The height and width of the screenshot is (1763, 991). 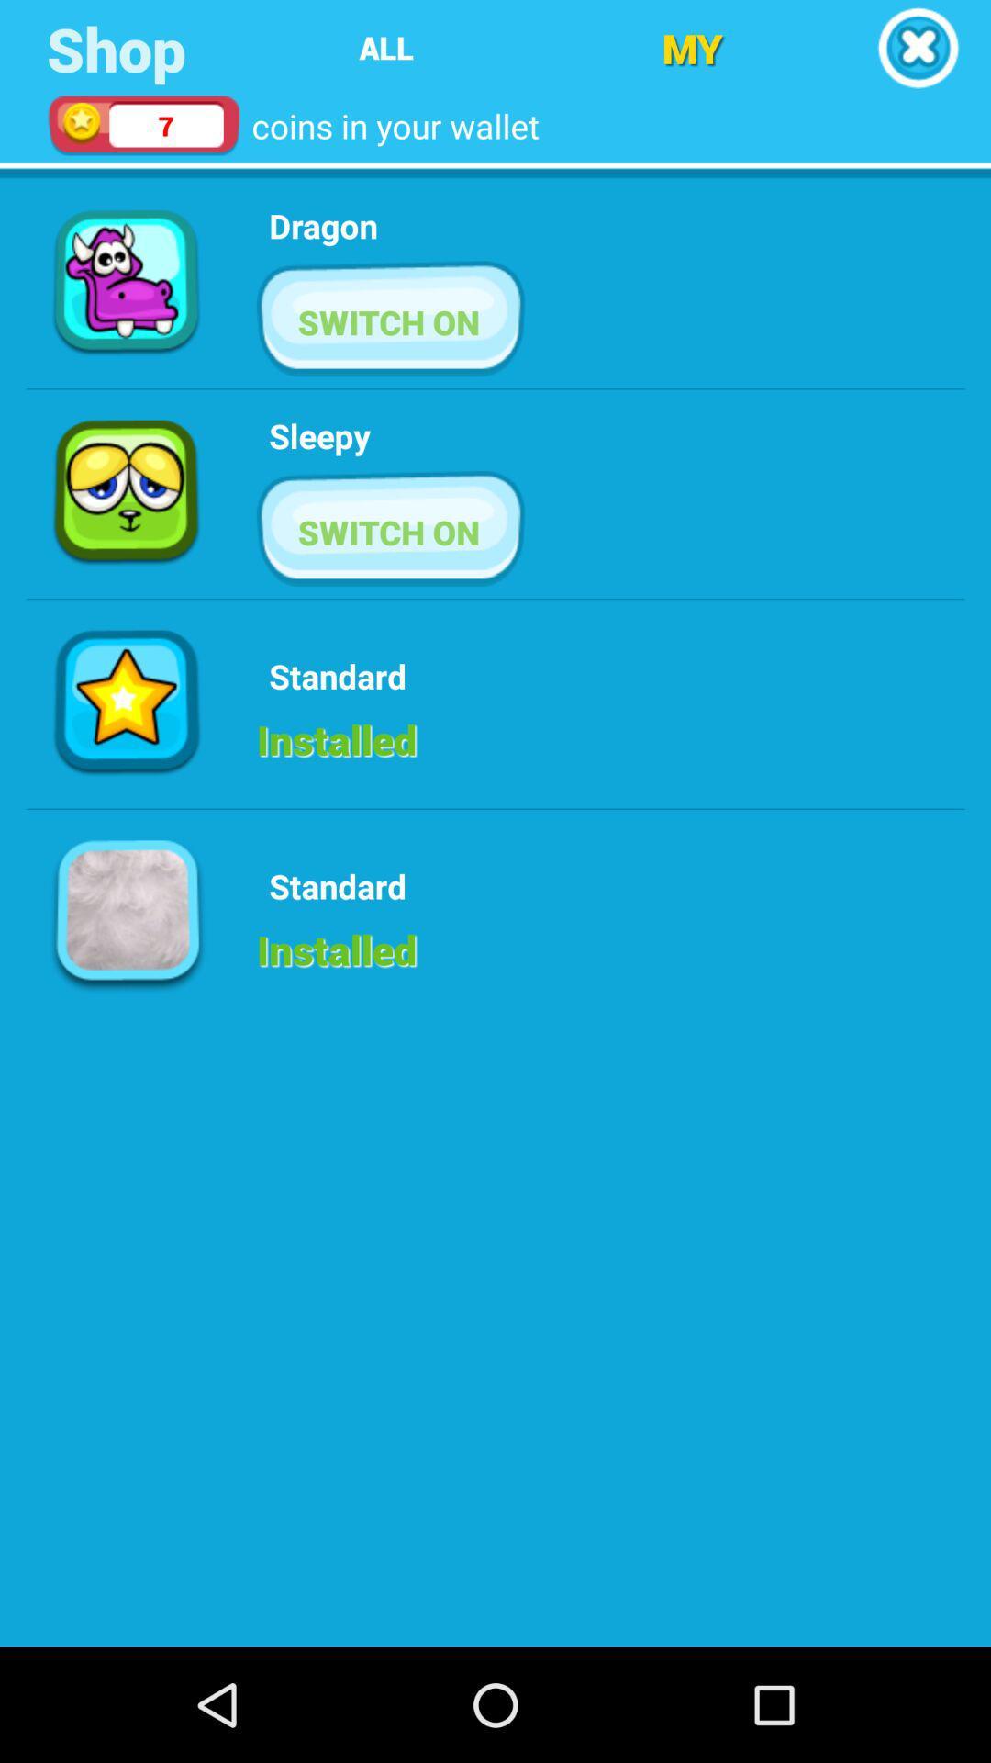 What do you see at coordinates (918, 48) in the screenshot?
I see `window` at bounding box center [918, 48].